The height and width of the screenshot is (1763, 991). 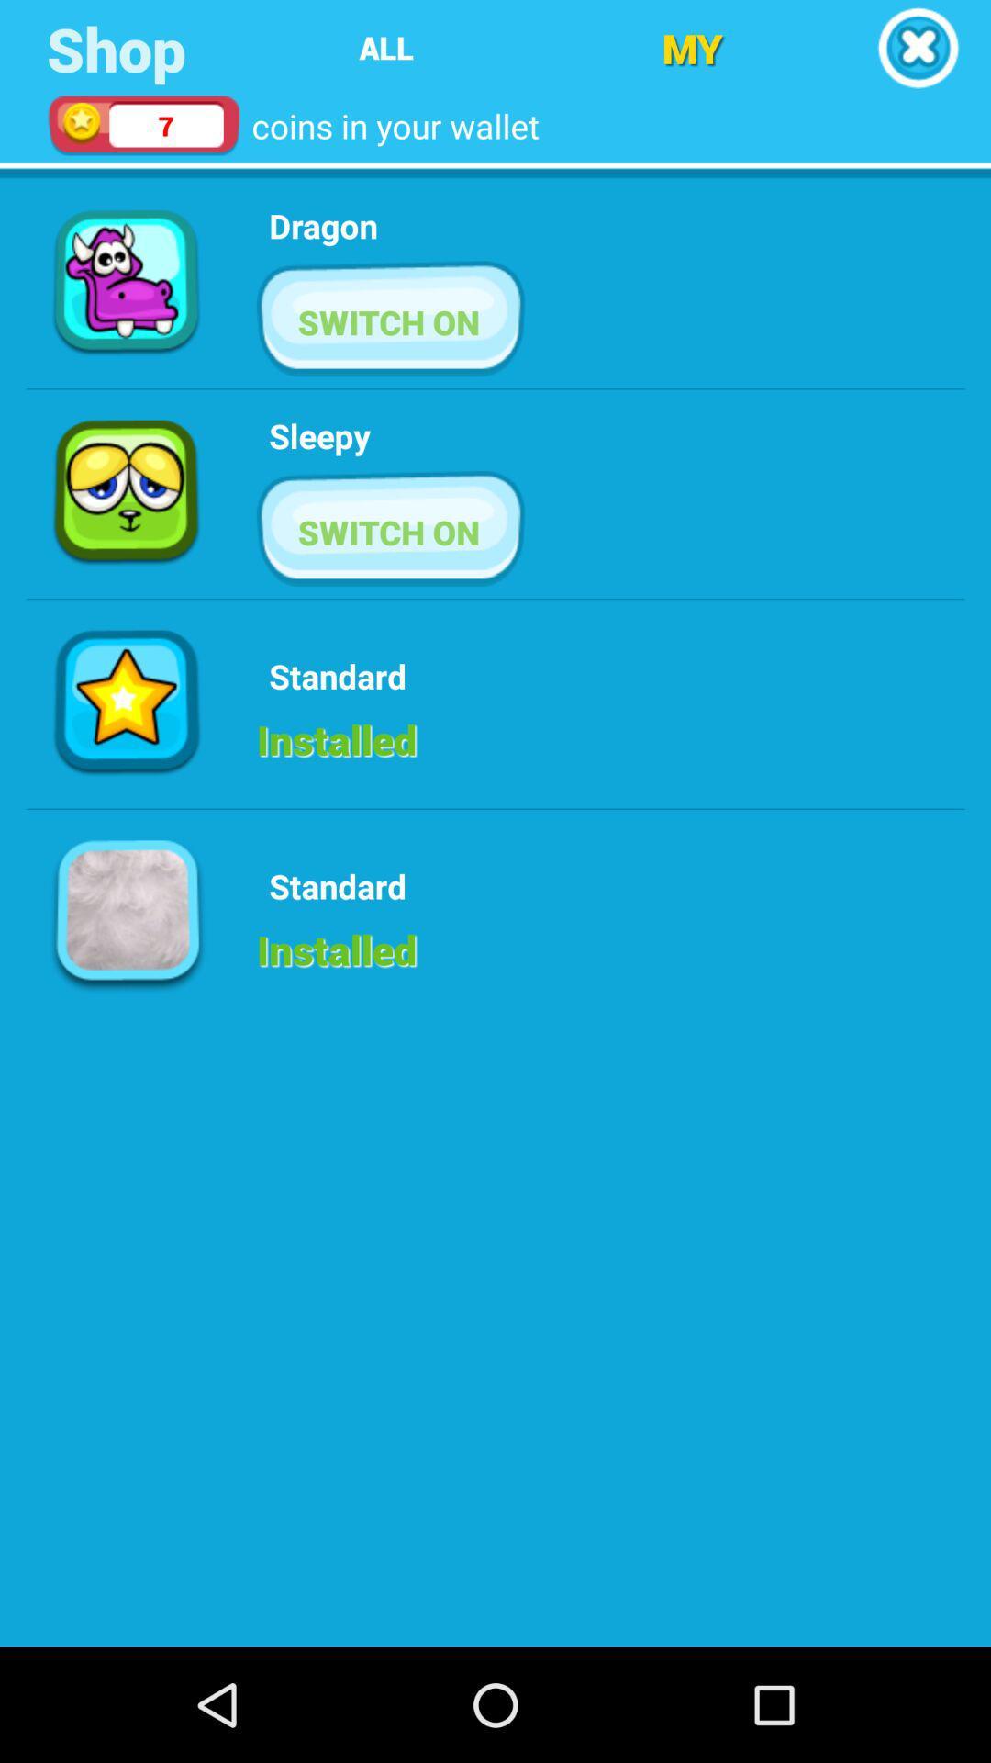 What do you see at coordinates (918, 48) in the screenshot?
I see `window` at bounding box center [918, 48].